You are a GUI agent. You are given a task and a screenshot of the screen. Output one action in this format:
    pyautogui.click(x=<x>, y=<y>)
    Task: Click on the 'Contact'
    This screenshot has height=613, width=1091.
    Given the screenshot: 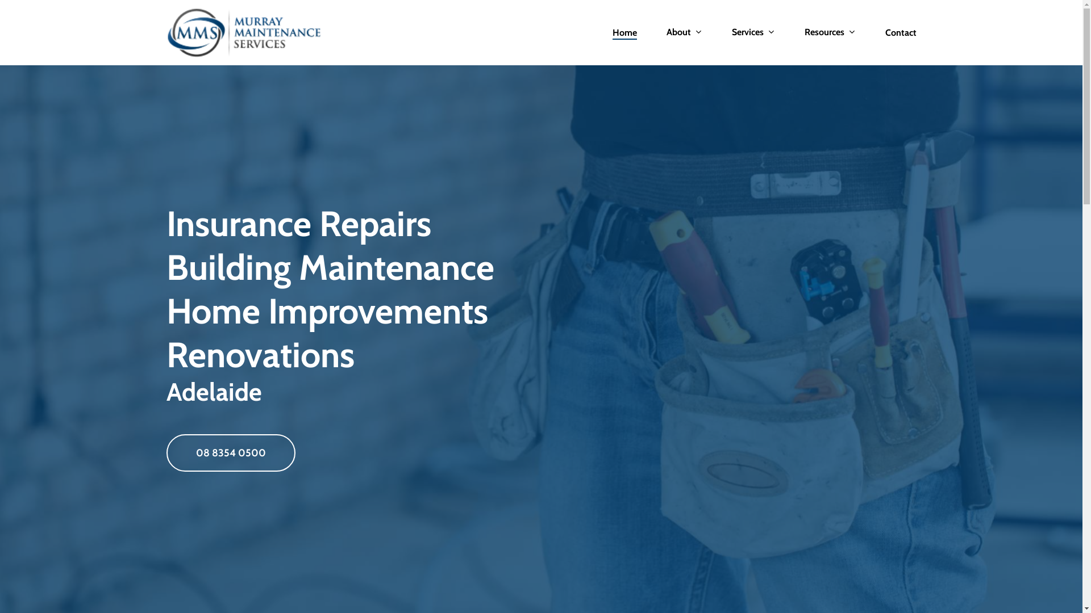 What is the action you would take?
    pyautogui.click(x=900, y=32)
    